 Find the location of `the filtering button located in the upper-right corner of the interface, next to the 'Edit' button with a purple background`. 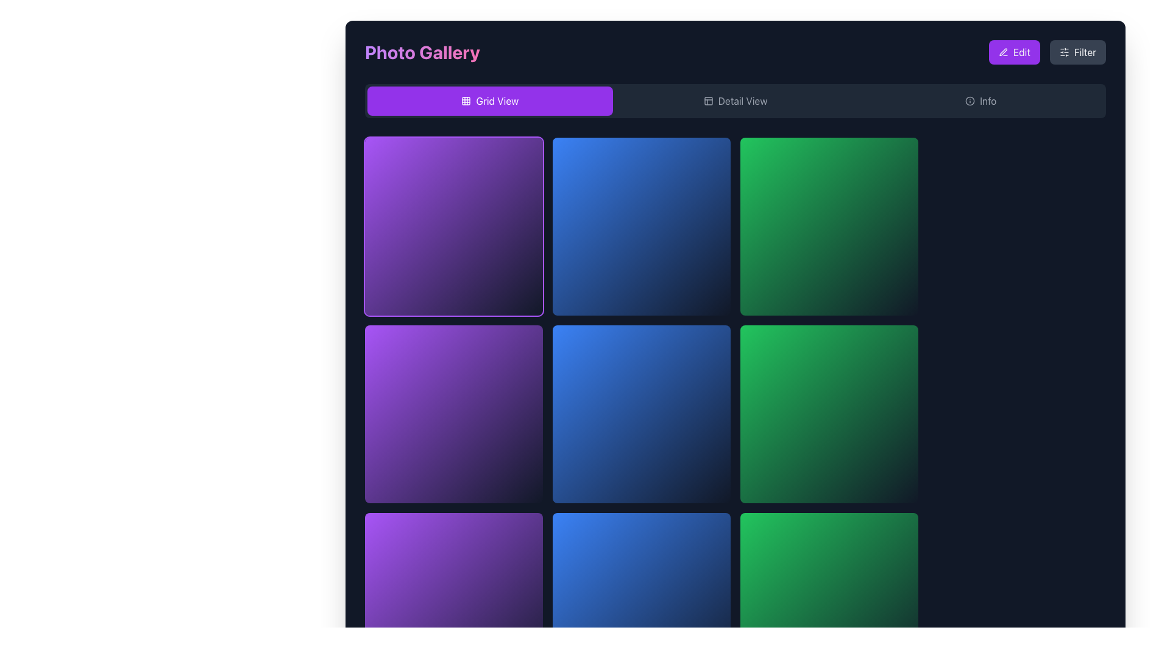

the filtering button located in the upper-right corner of the interface, next to the 'Edit' button with a purple background is located at coordinates (1046, 51).